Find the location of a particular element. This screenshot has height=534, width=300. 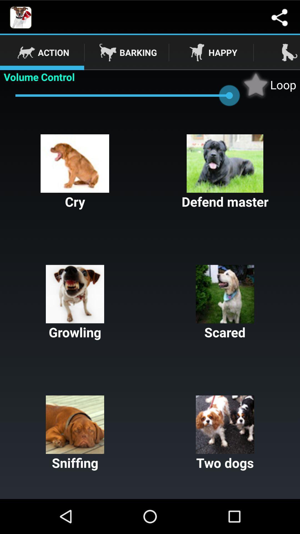

item to the left of the defend master item is located at coordinates (75, 172).